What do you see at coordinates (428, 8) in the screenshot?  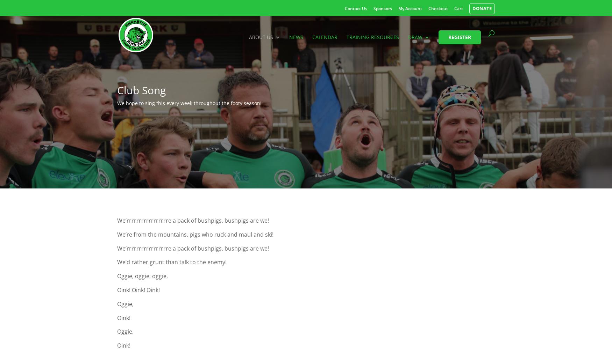 I see `'Checkout'` at bounding box center [428, 8].